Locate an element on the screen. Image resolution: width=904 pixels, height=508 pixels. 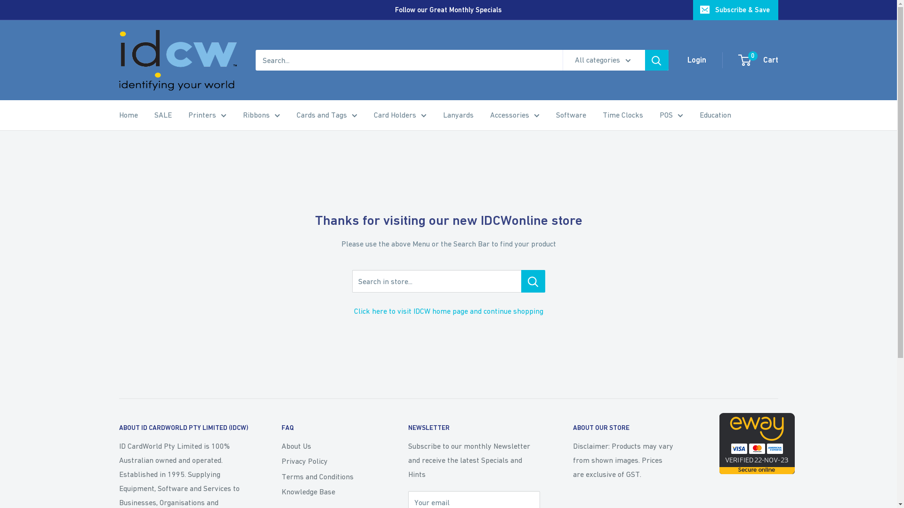
'Card Holders' is located at coordinates (400, 115).